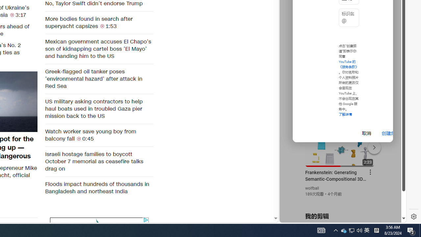  What do you see at coordinates (420, 230) in the screenshot?
I see `'Show desktop'` at bounding box center [420, 230].